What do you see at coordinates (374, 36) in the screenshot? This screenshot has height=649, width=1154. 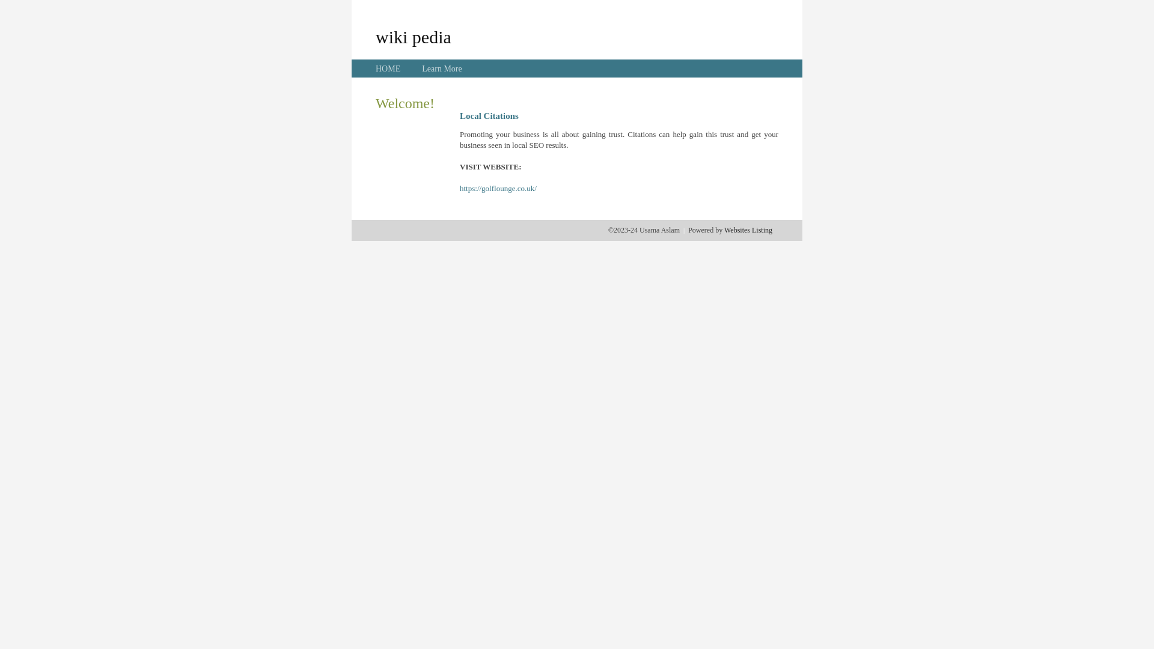 I see `'wiki pedia'` at bounding box center [374, 36].